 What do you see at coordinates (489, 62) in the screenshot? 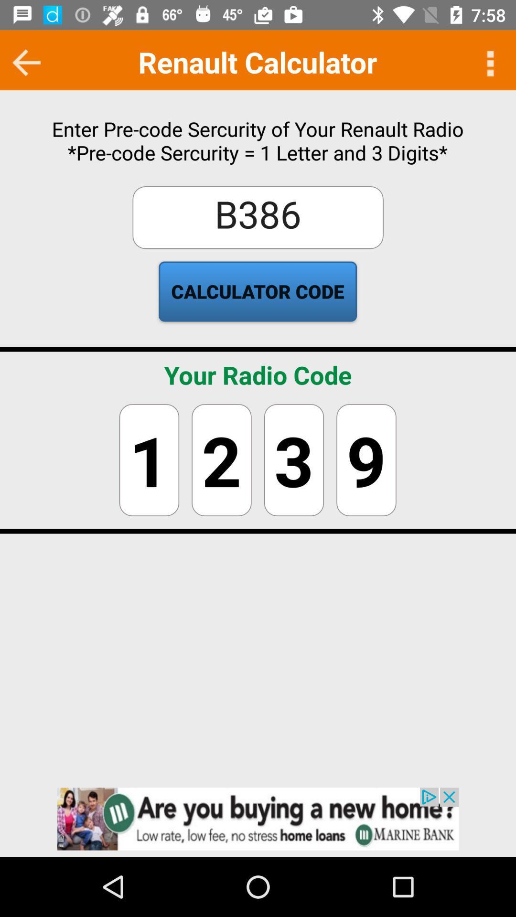
I see `the more icon` at bounding box center [489, 62].